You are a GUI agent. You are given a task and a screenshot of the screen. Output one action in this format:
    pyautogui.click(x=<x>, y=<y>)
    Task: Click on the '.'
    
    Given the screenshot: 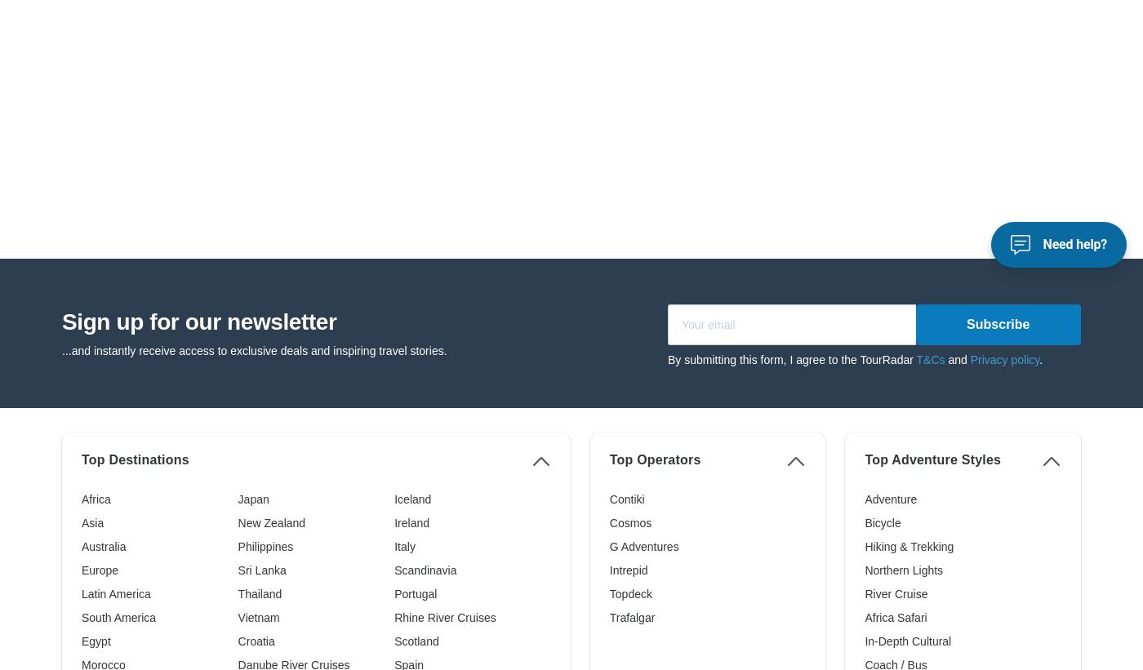 What is the action you would take?
    pyautogui.click(x=1040, y=95)
    